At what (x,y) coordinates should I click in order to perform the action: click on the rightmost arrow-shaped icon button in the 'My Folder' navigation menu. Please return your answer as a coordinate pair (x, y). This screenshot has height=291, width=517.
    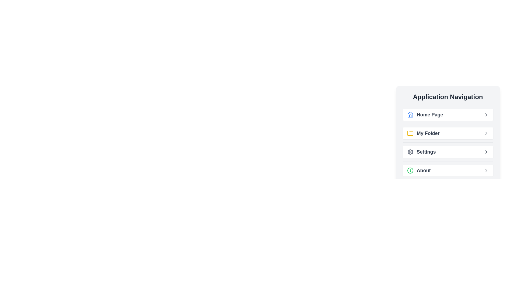
    Looking at the image, I should click on (486, 133).